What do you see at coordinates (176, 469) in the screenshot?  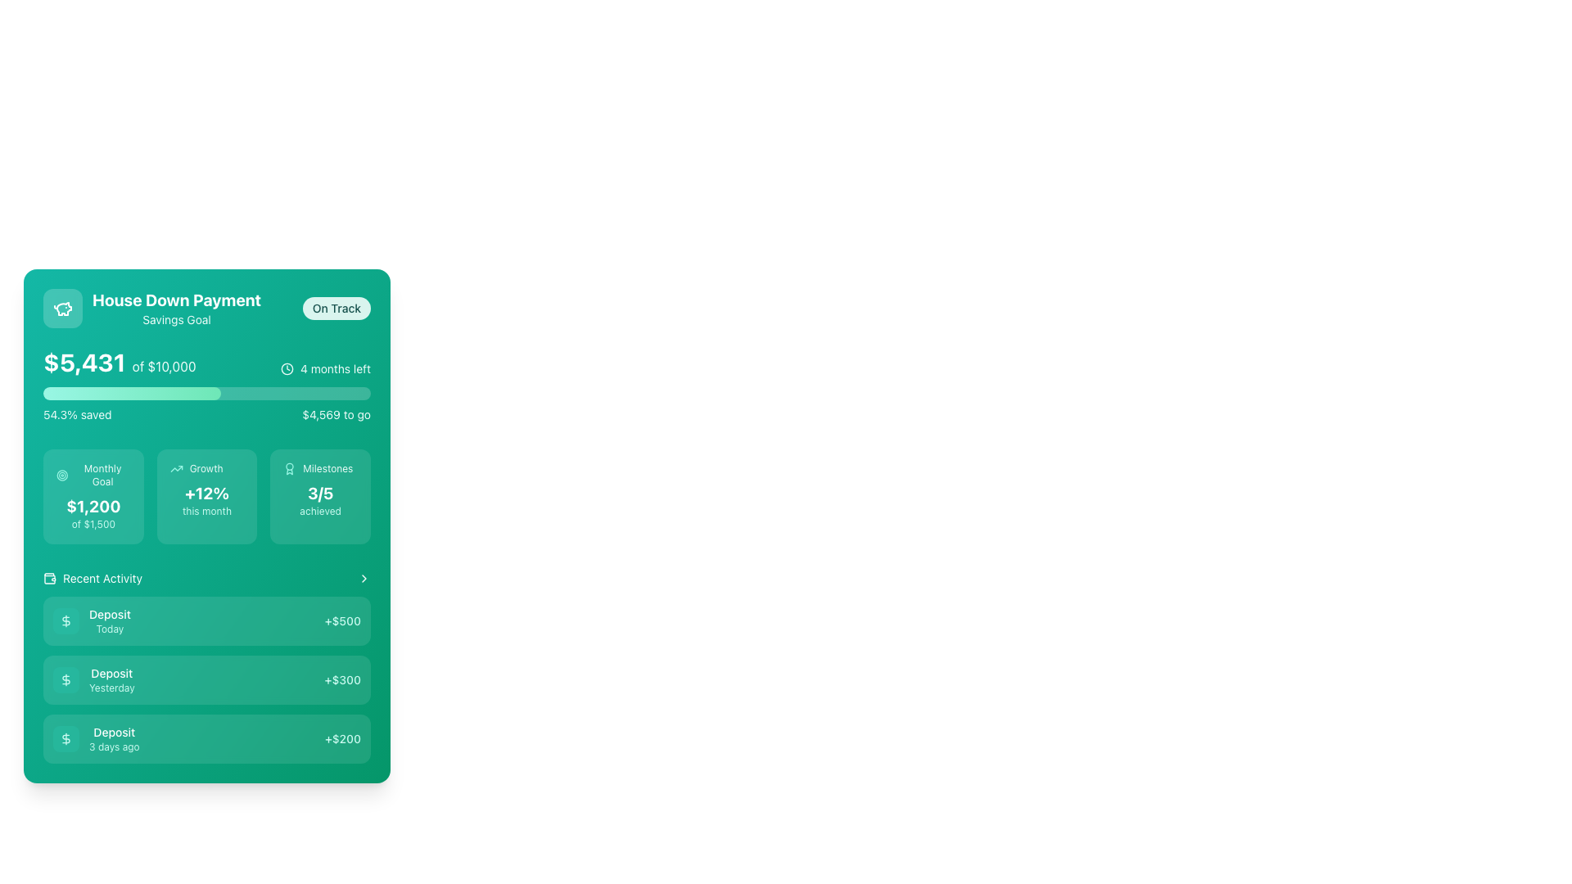 I see `the Growth icon, which symbolizes the positive trend of the Growth metric, located in the leftmost position of the Growth block` at bounding box center [176, 469].